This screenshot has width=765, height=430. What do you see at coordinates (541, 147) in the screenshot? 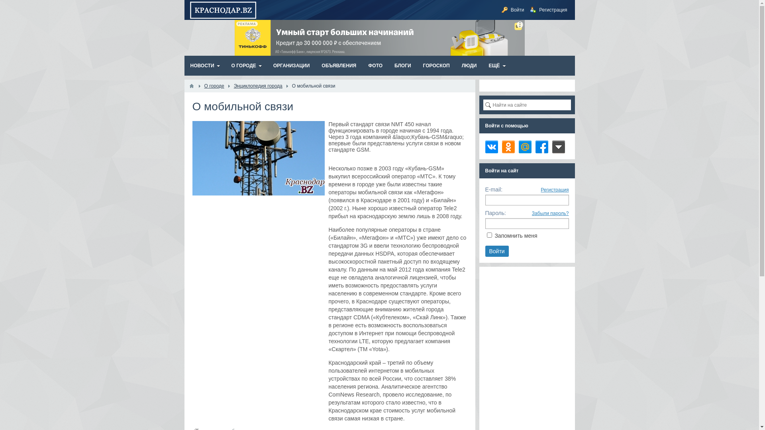
I see `'Facebook'` at bounding box center [541, 147].